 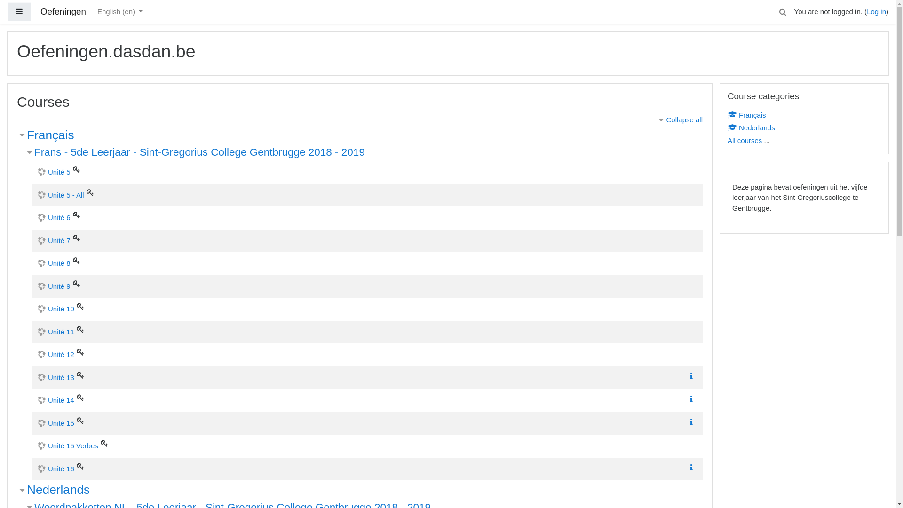 What do you see at coordinates (691, 468) in the screenshot?
I see `'Summary'` at bounding box center [691, 468].